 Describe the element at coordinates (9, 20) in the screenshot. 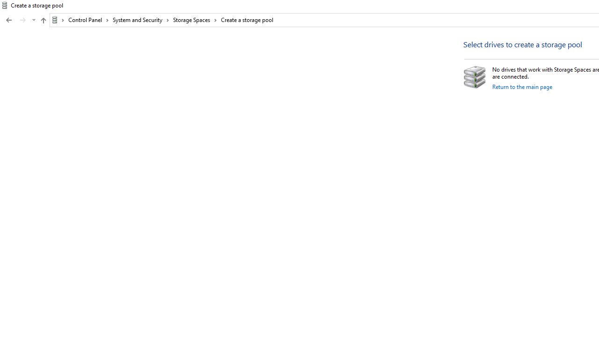

I see `'Back to Storage Spaces (Alt + Left Arrow)'` at that location.